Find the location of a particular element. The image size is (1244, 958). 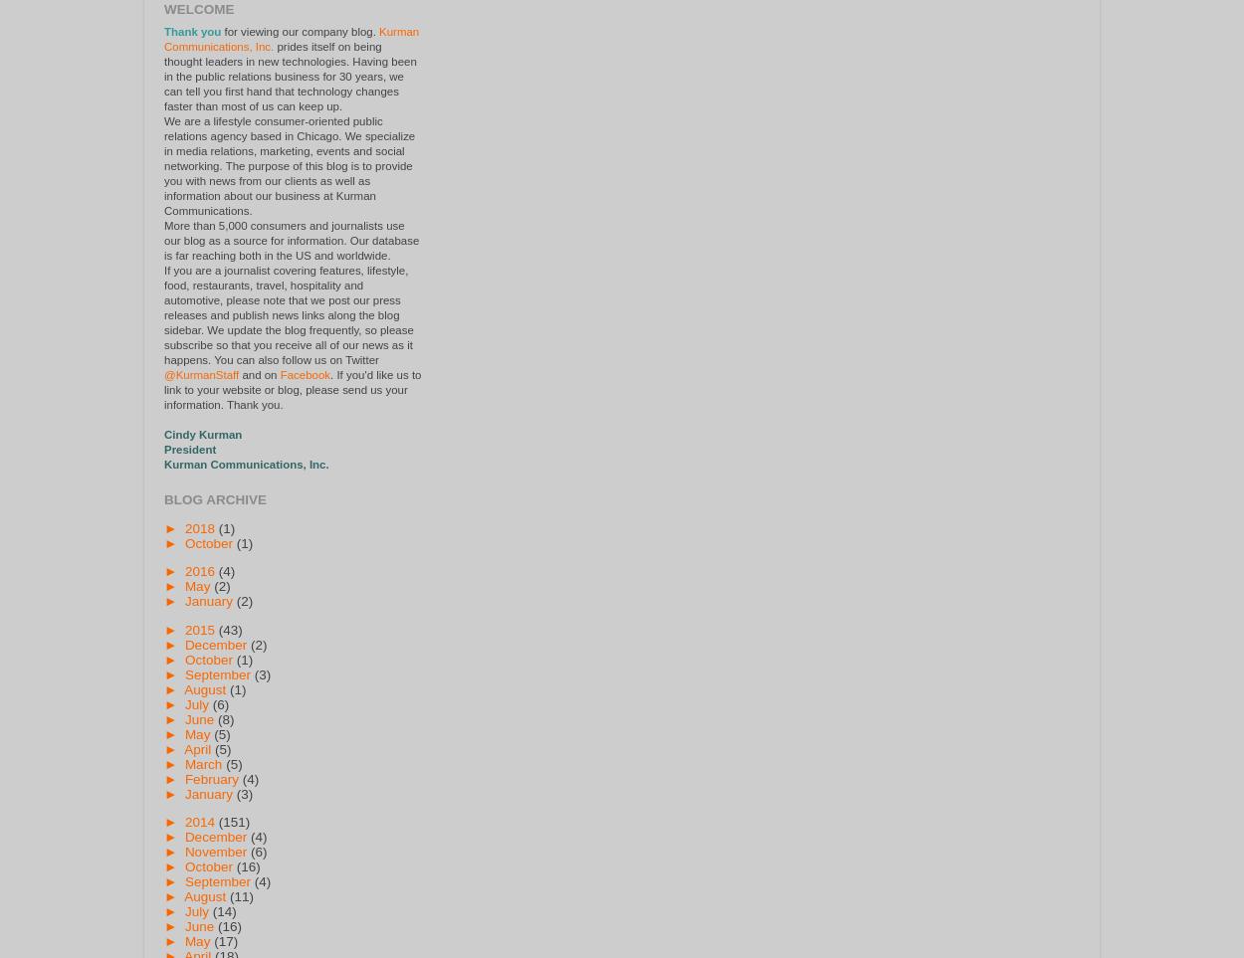

'(8)' is located at coordinates (224, 717).